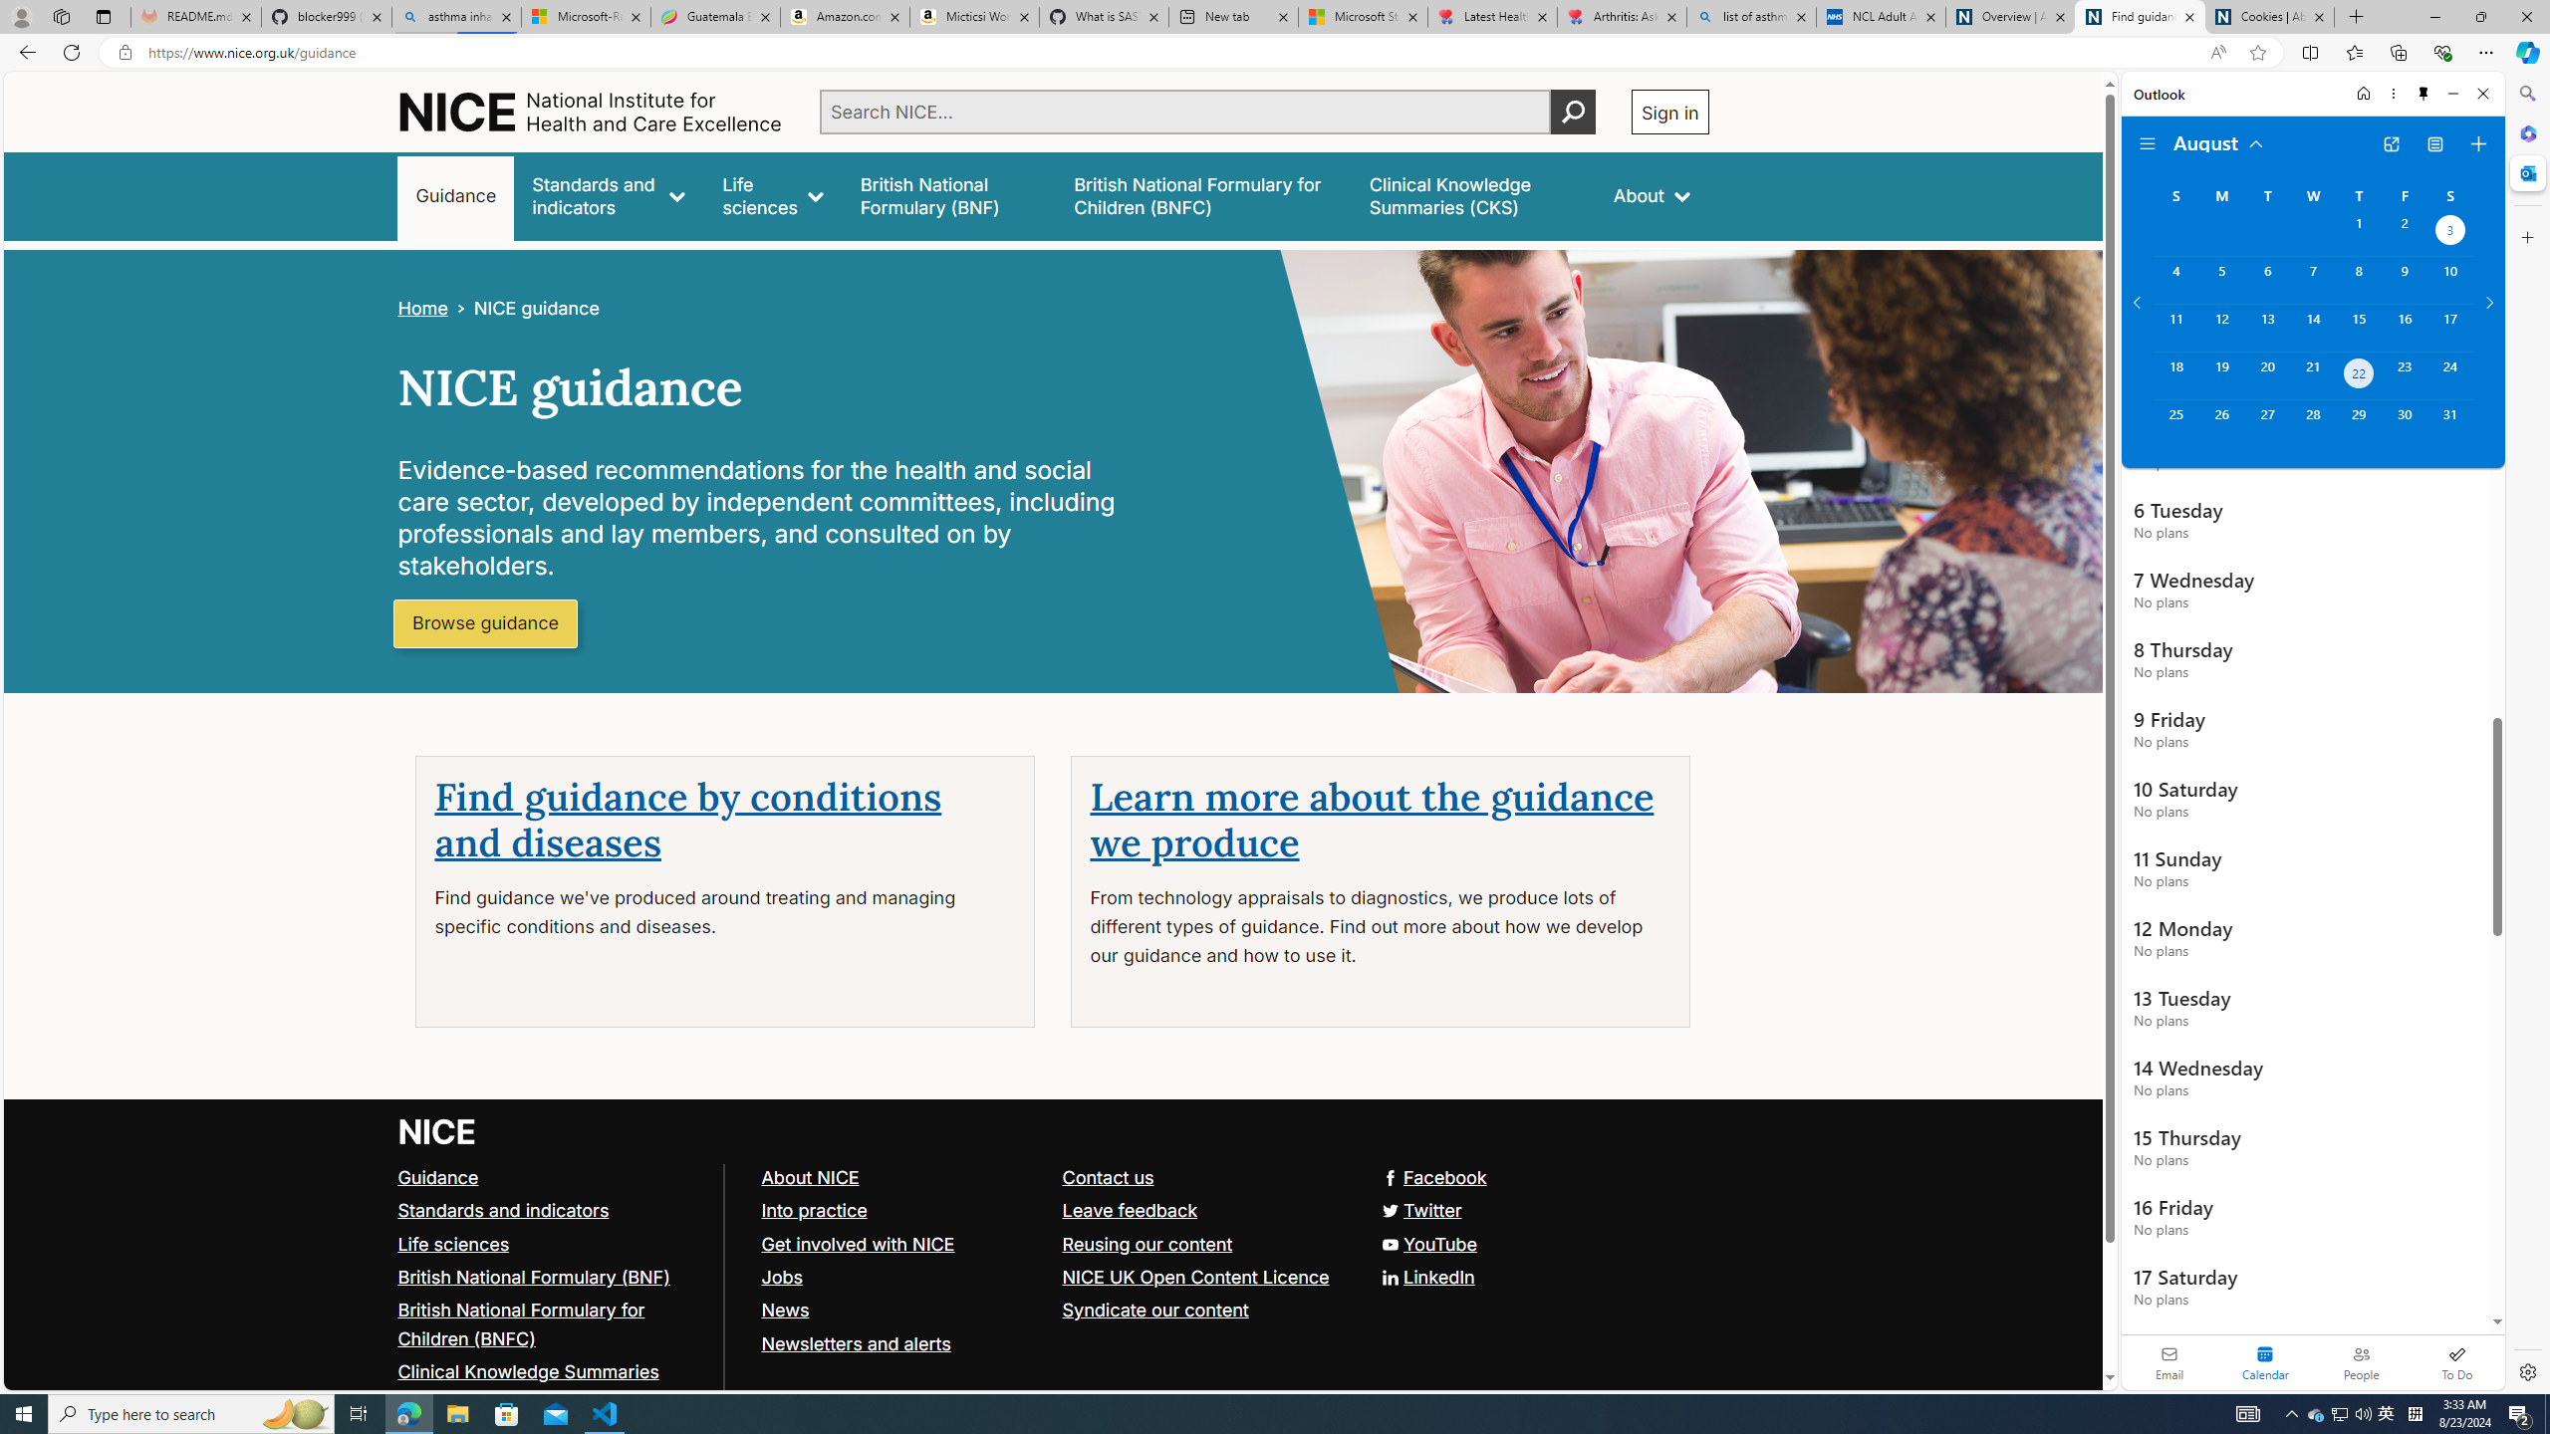 This screenshot has width=2550, height=1434. Describe the element at coordinates (1108, 1175) in the screenshot. I see `'Contact us'` at that location.